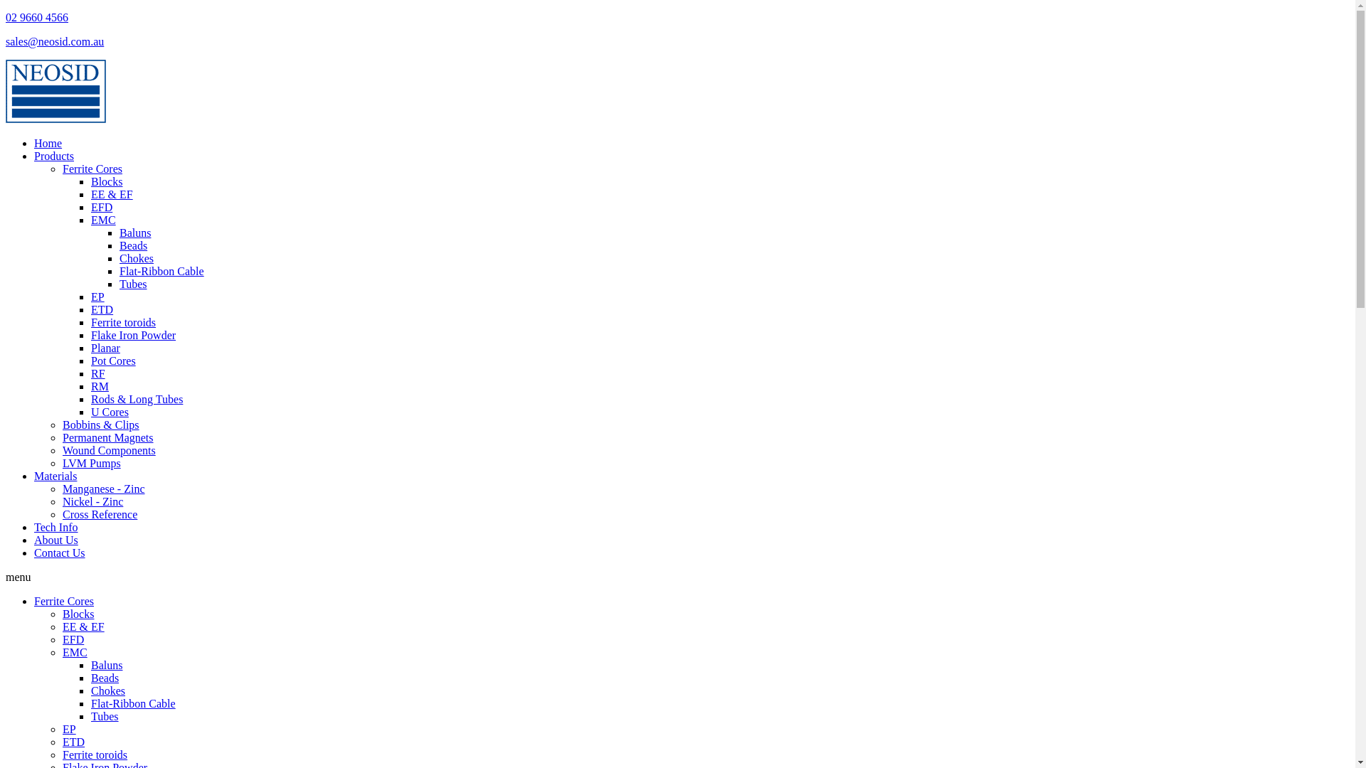 This screenshot has width=1366, height=768. What do you see at coordinates (54, 41) in the screenshot?
I see `'sales@neosid.com.au'` at bounding box center [54, 41].